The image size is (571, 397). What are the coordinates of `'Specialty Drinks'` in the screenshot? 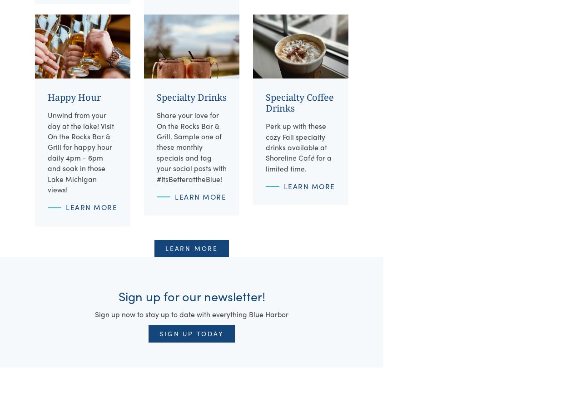 It's located at (191, 97).